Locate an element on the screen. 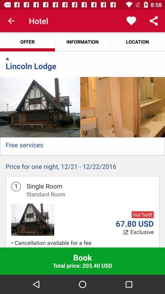  the icon next to 1 icon is located at coordinates (46, 194).